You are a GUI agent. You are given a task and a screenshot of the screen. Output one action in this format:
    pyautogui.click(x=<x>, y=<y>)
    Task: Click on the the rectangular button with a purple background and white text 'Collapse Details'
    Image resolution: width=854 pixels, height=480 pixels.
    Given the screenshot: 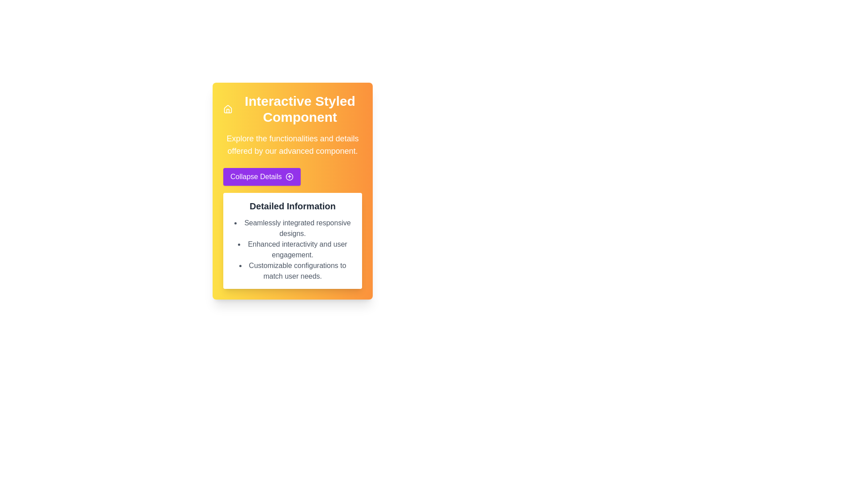 What is the action you would take?
    pyautogui.click(x=261, y=176)
    